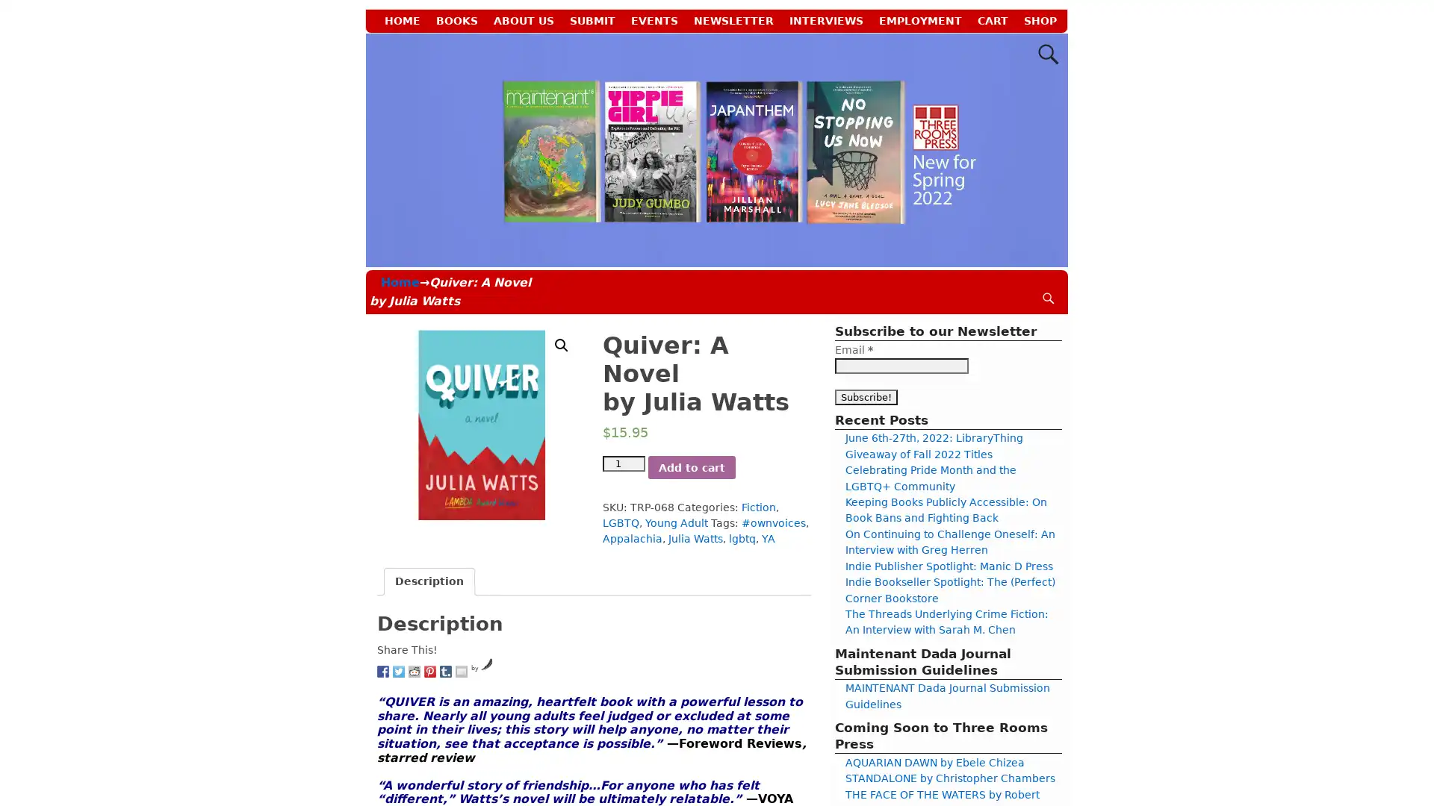 The width and height of the screenshot is (1434, 806). What do you see at coordinates (690, 466) in the screenshot?
I see `Add to cart` at bounding box center [690, 466].